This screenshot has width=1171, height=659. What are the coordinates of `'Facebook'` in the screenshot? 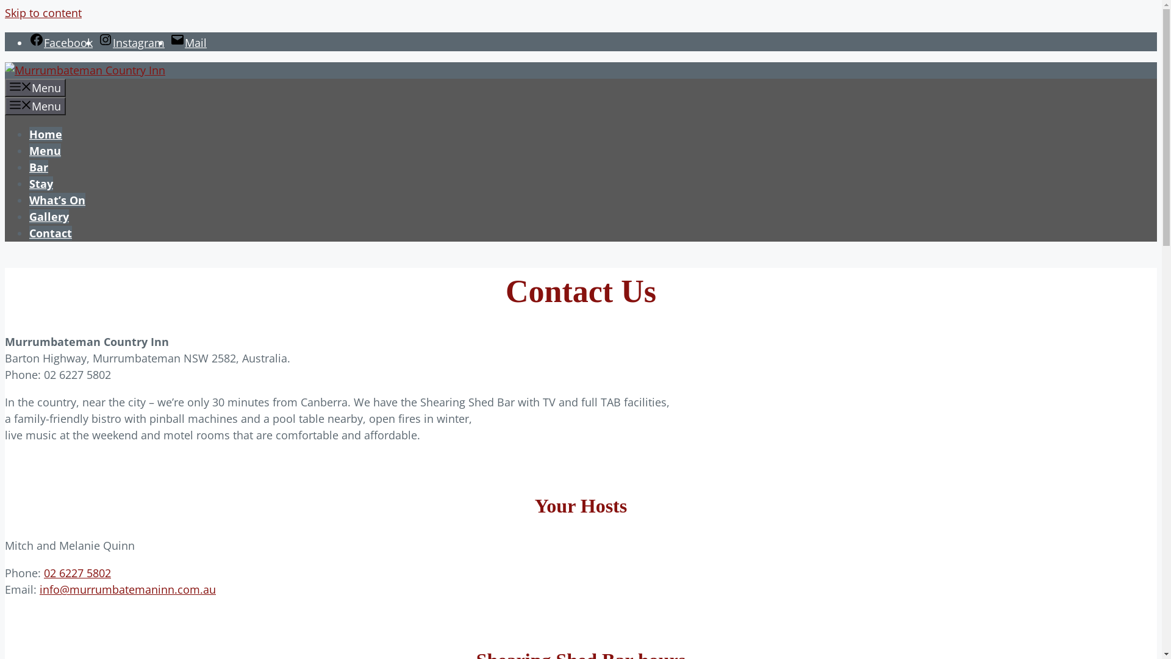 It's located at (29, 41).